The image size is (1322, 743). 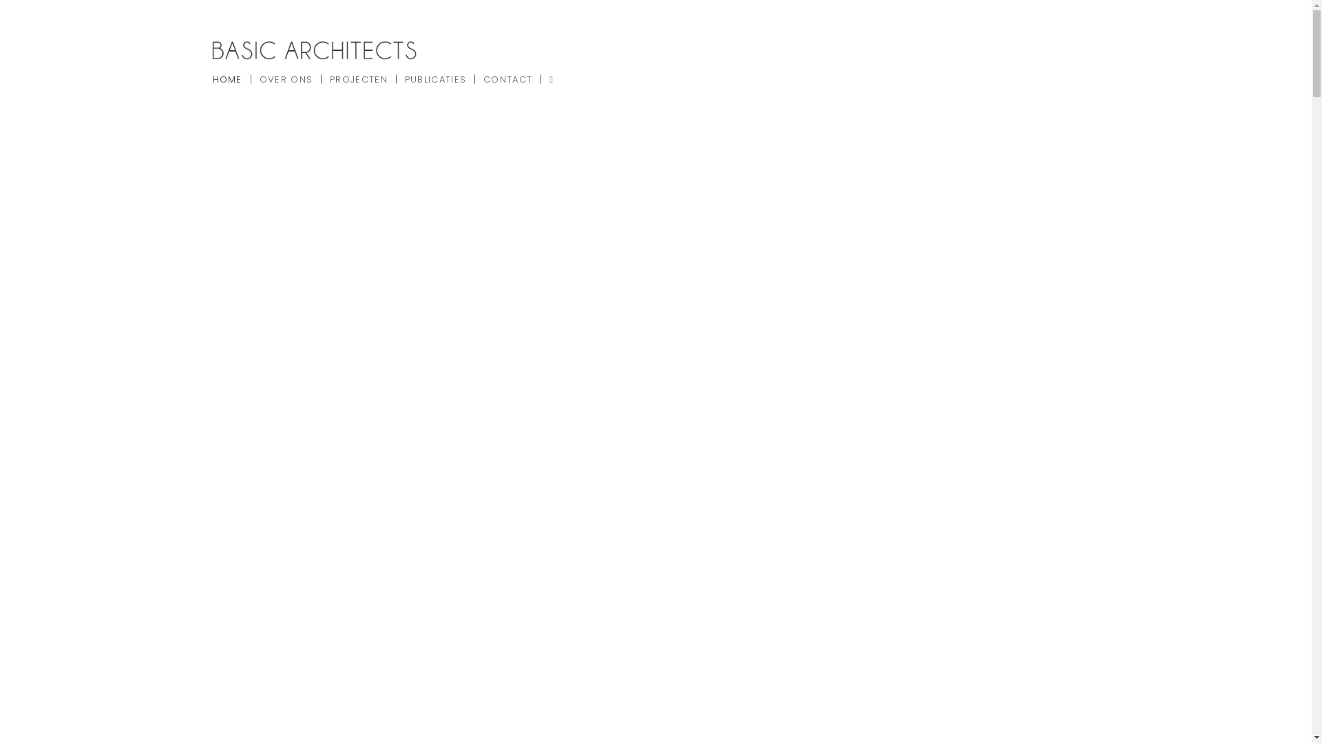 What do you see at coordinates (359, 79) in the screenshot?
I see `'PROJECTEN'` at bounding box center [359, 79].